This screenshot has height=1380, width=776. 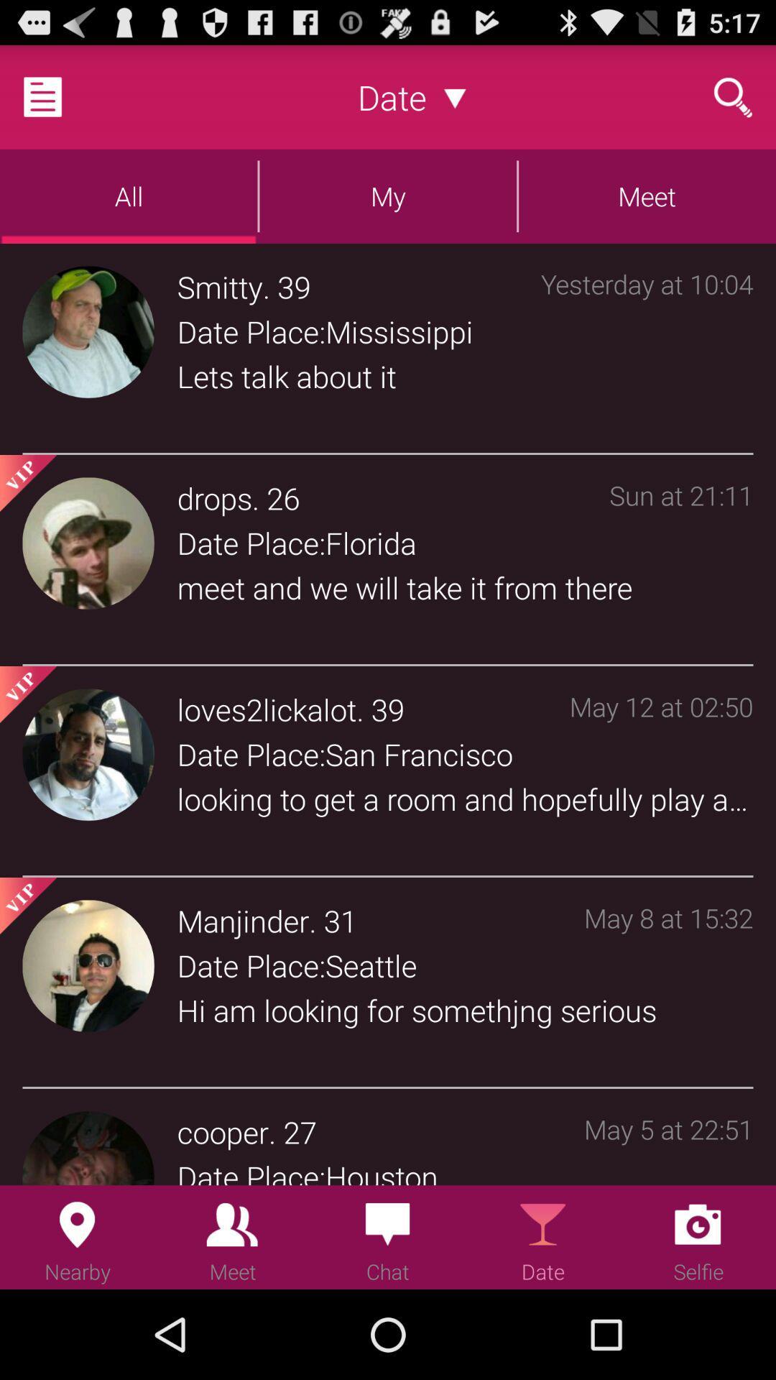 I want to click on cooper item, so click(x=223, y=1131).